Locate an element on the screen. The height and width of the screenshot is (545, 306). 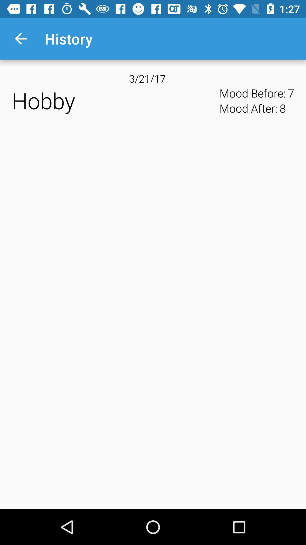
hobby app is located at coordinates (114, 100).